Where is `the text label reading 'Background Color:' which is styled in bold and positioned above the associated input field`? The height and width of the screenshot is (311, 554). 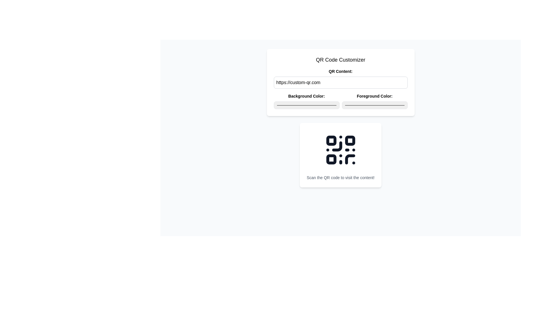 the text label reading 'Background Color:' which is styled in bold and positioned above the associated input field is located at coordinates (306, 96).